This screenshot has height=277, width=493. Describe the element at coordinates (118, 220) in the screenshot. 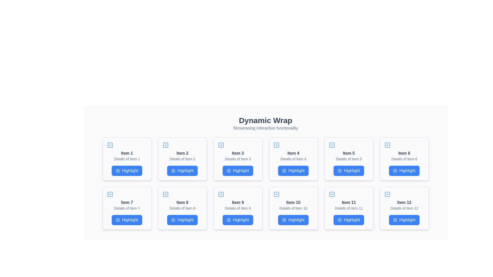

I see `the 'Highlight' button, which contains an icon on its left side, located in the second row and first column of the grid layout within the card labeled 'Item 7'` at that location.